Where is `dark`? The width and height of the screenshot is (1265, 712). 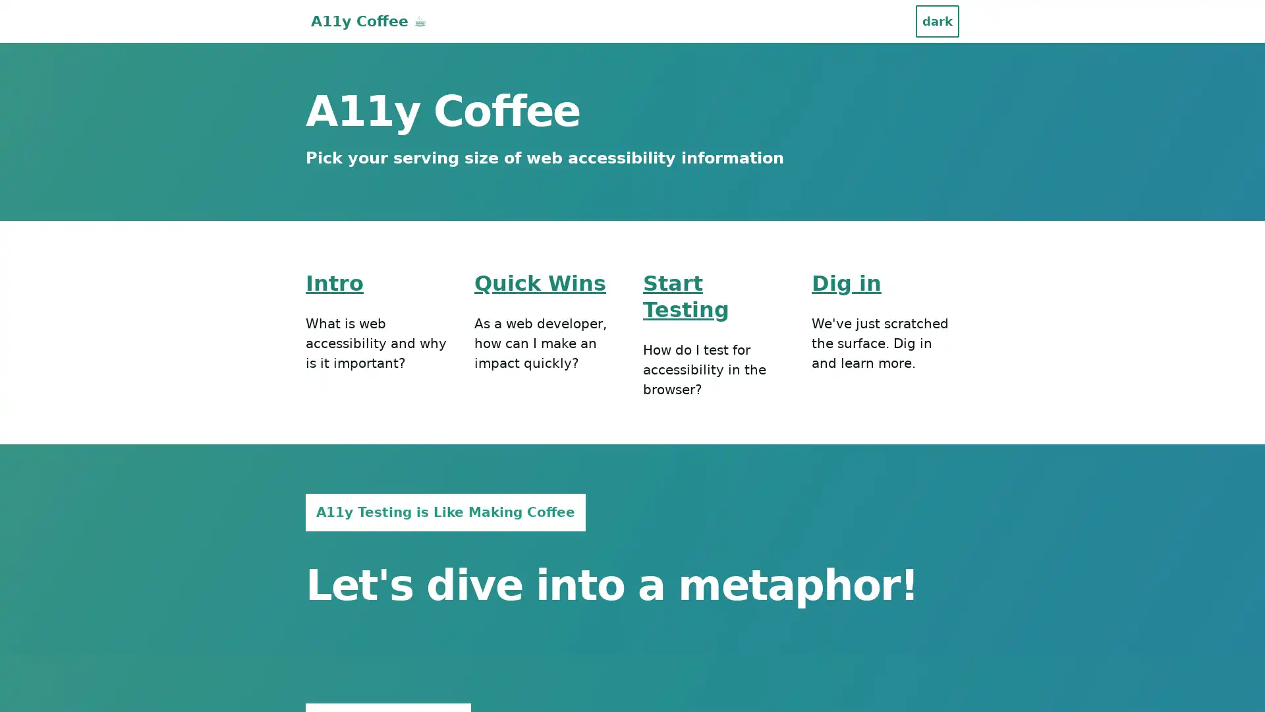 dark is located at coordinates (936, 21).